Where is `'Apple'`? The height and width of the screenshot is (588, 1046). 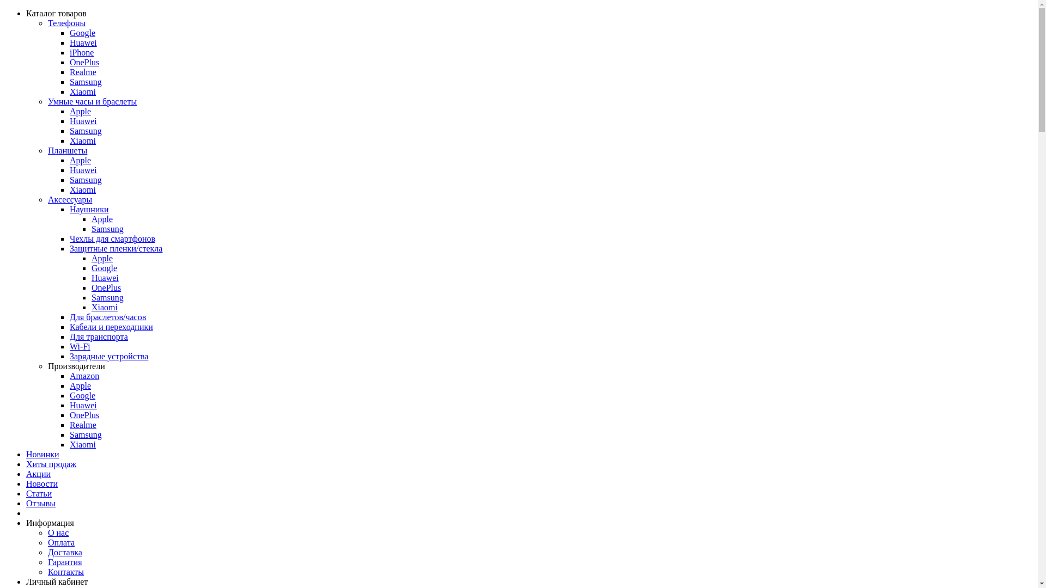 'Apple' is located at coordinates (80, 111).